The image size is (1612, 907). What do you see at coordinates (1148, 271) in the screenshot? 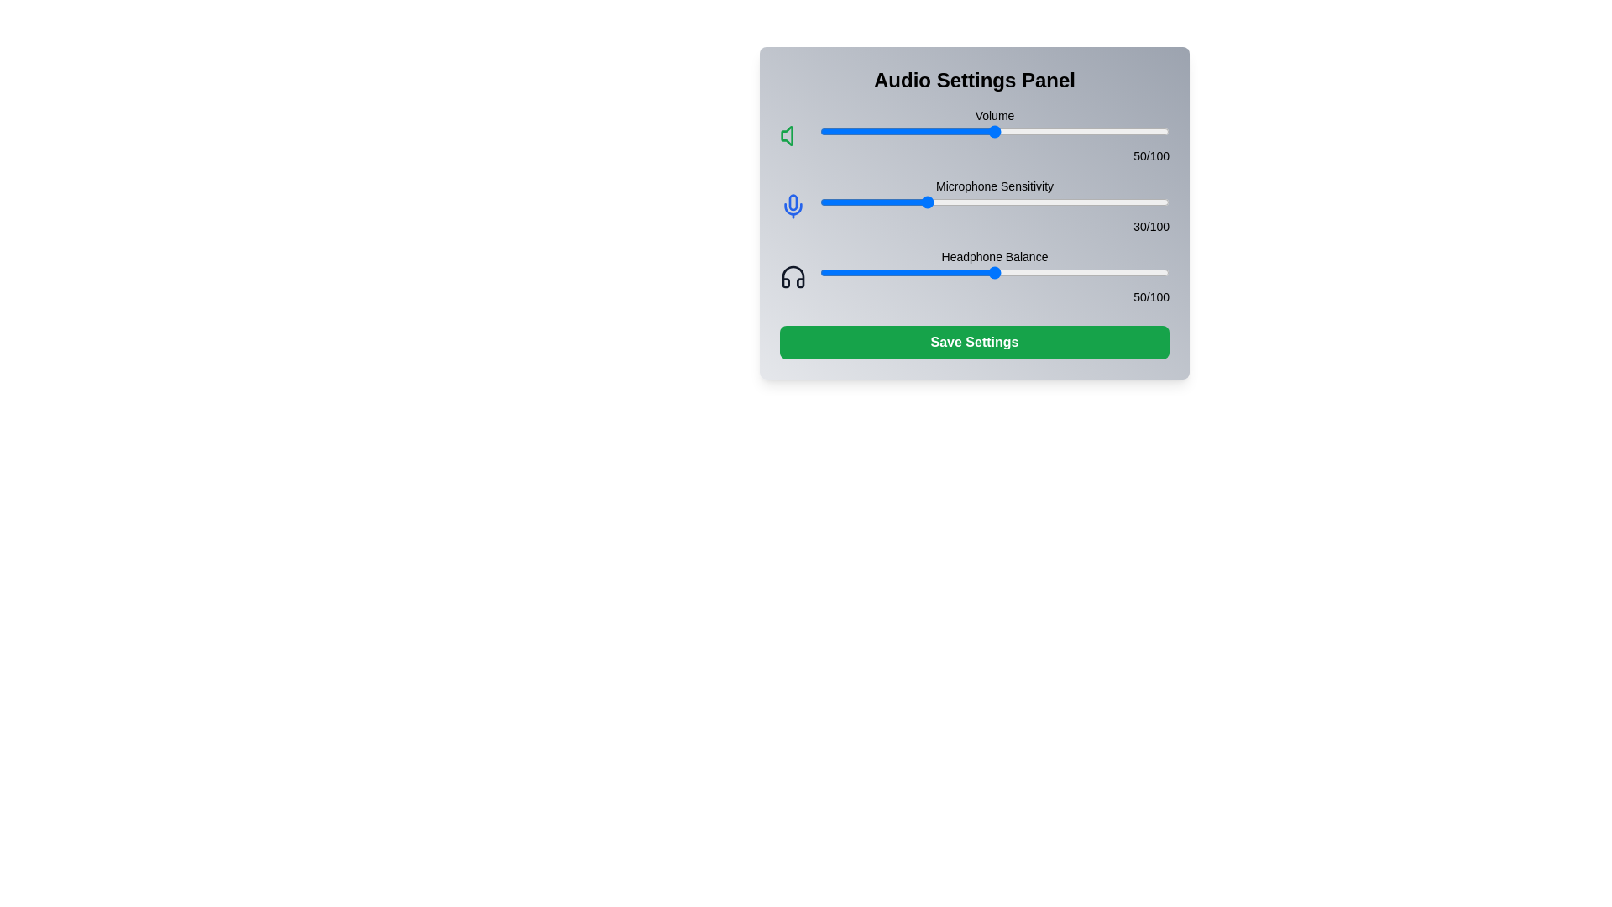
I see `the headphone balance` at bounding box center [1148, 271].